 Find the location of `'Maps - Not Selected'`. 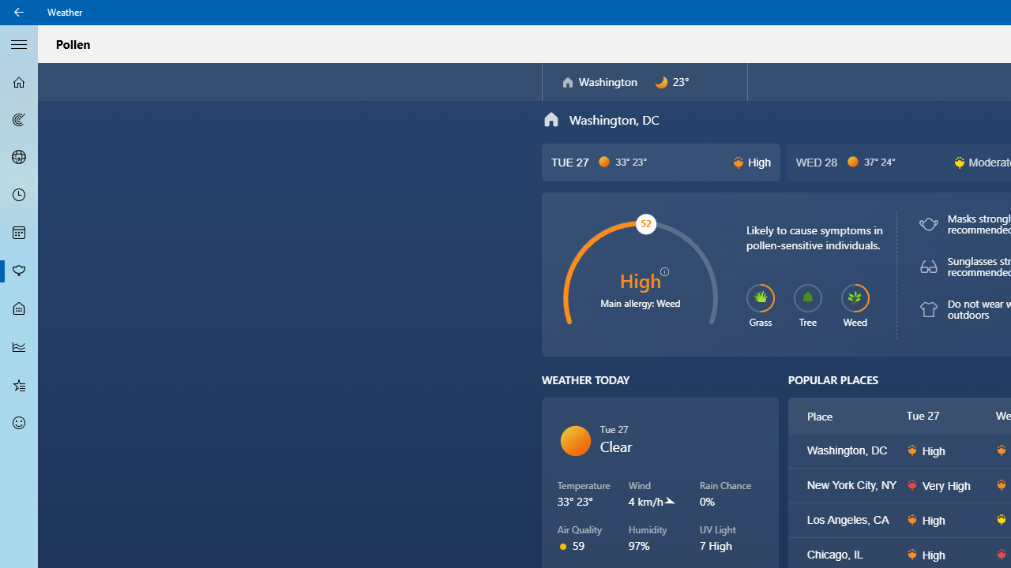

'Maps - Not Selected' is located at coordinates (19, 118).